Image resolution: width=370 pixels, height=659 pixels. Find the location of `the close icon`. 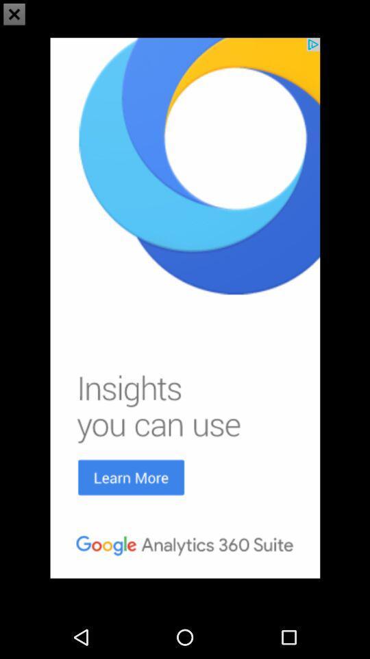

the close icon is located at coordinates (14, 14).